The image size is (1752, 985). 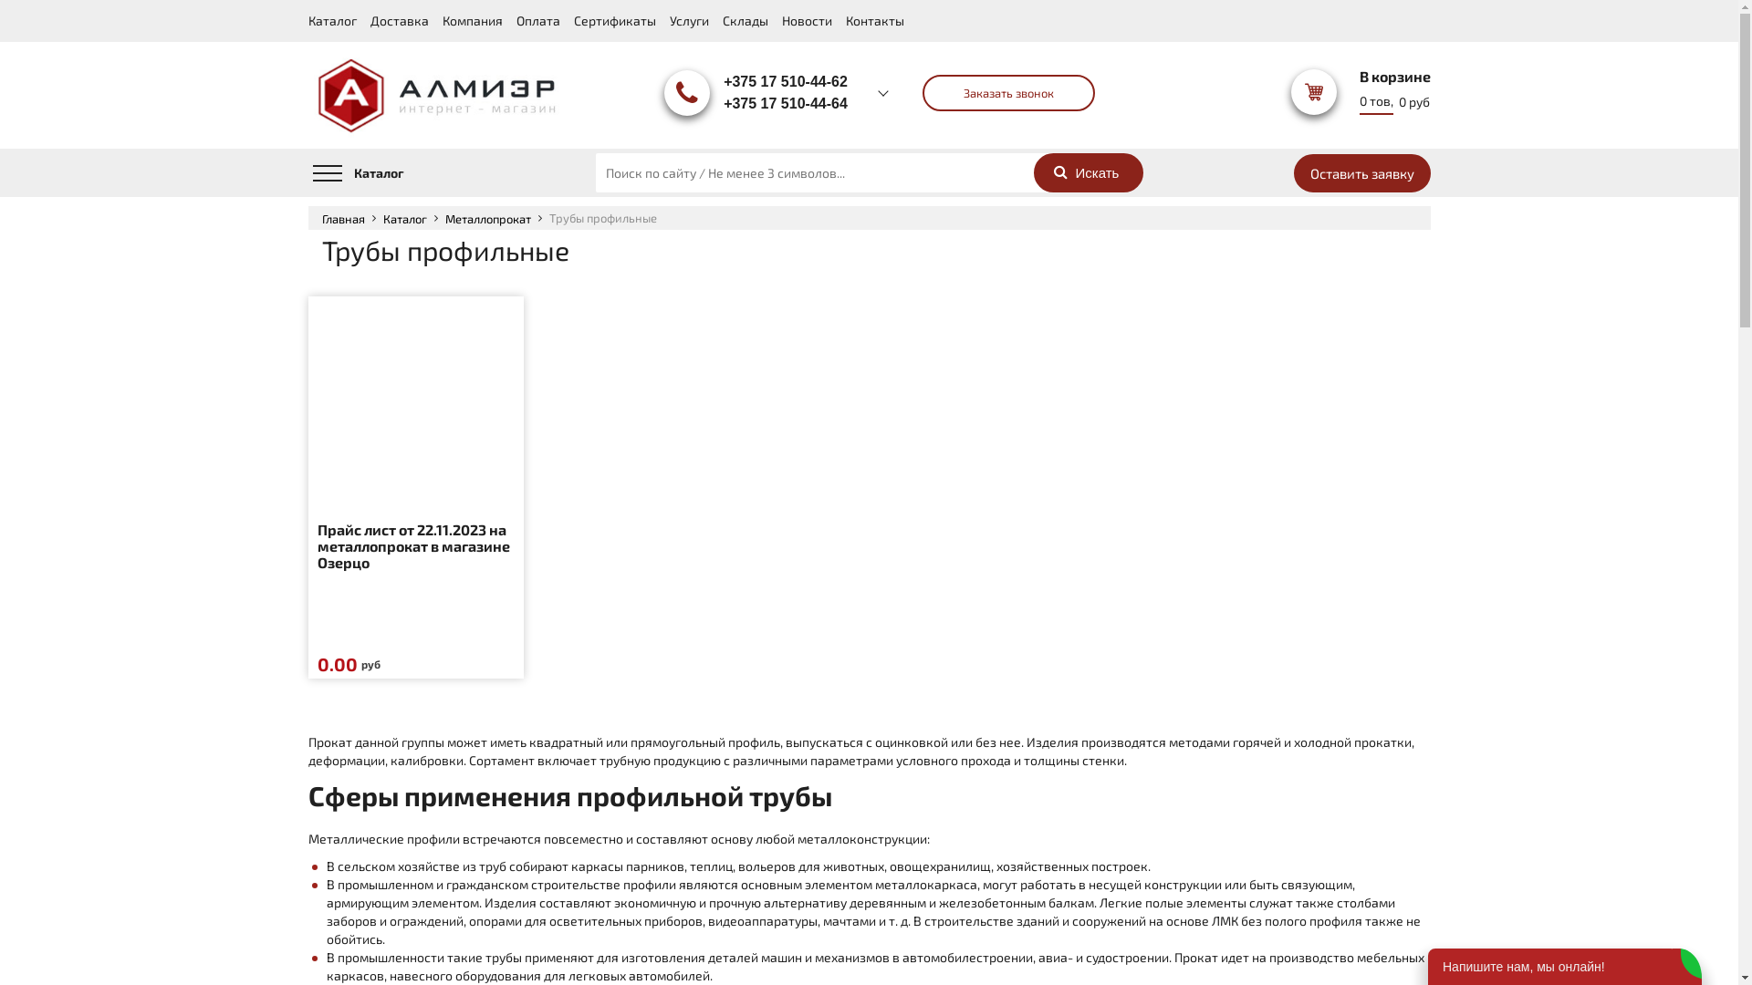 I want to click on '+375 17 510-44-62', so click(x=722, y=79).